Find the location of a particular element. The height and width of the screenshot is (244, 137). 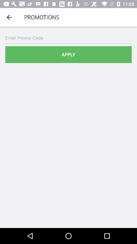

item above apply item is located at coordinates (68, 37).